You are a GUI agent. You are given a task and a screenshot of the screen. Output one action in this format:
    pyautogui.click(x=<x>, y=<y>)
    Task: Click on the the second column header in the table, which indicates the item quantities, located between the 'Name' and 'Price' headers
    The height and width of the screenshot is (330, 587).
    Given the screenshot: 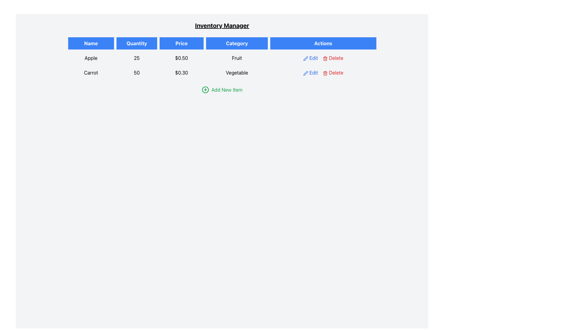 What is the action you would take?
    pyautogui.click(x=136, y=43)
    